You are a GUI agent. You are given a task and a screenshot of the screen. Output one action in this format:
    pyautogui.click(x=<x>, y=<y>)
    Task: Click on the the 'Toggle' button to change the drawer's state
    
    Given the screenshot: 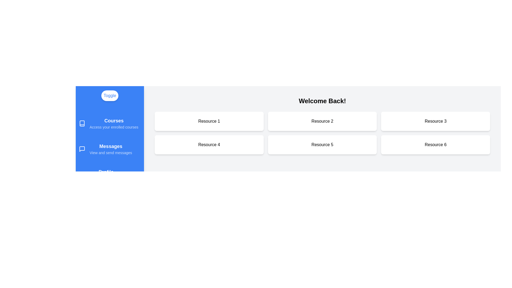 What is the action you would take?
    pyautogui.click(x=110, y=95)
    